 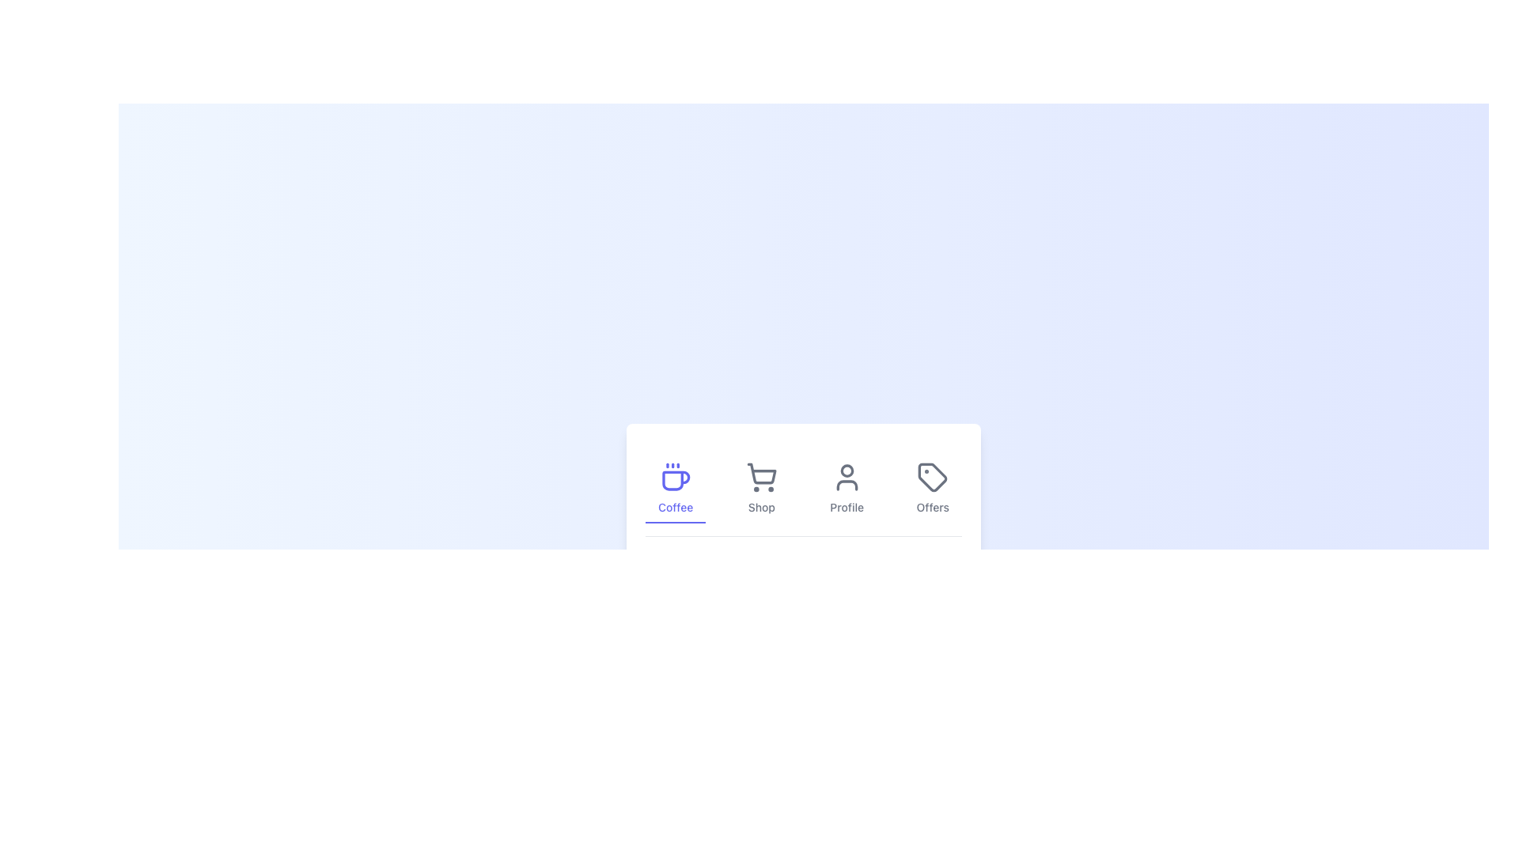 I want to click on the Shop label in the navigation bar, so click(x=761, y=507).